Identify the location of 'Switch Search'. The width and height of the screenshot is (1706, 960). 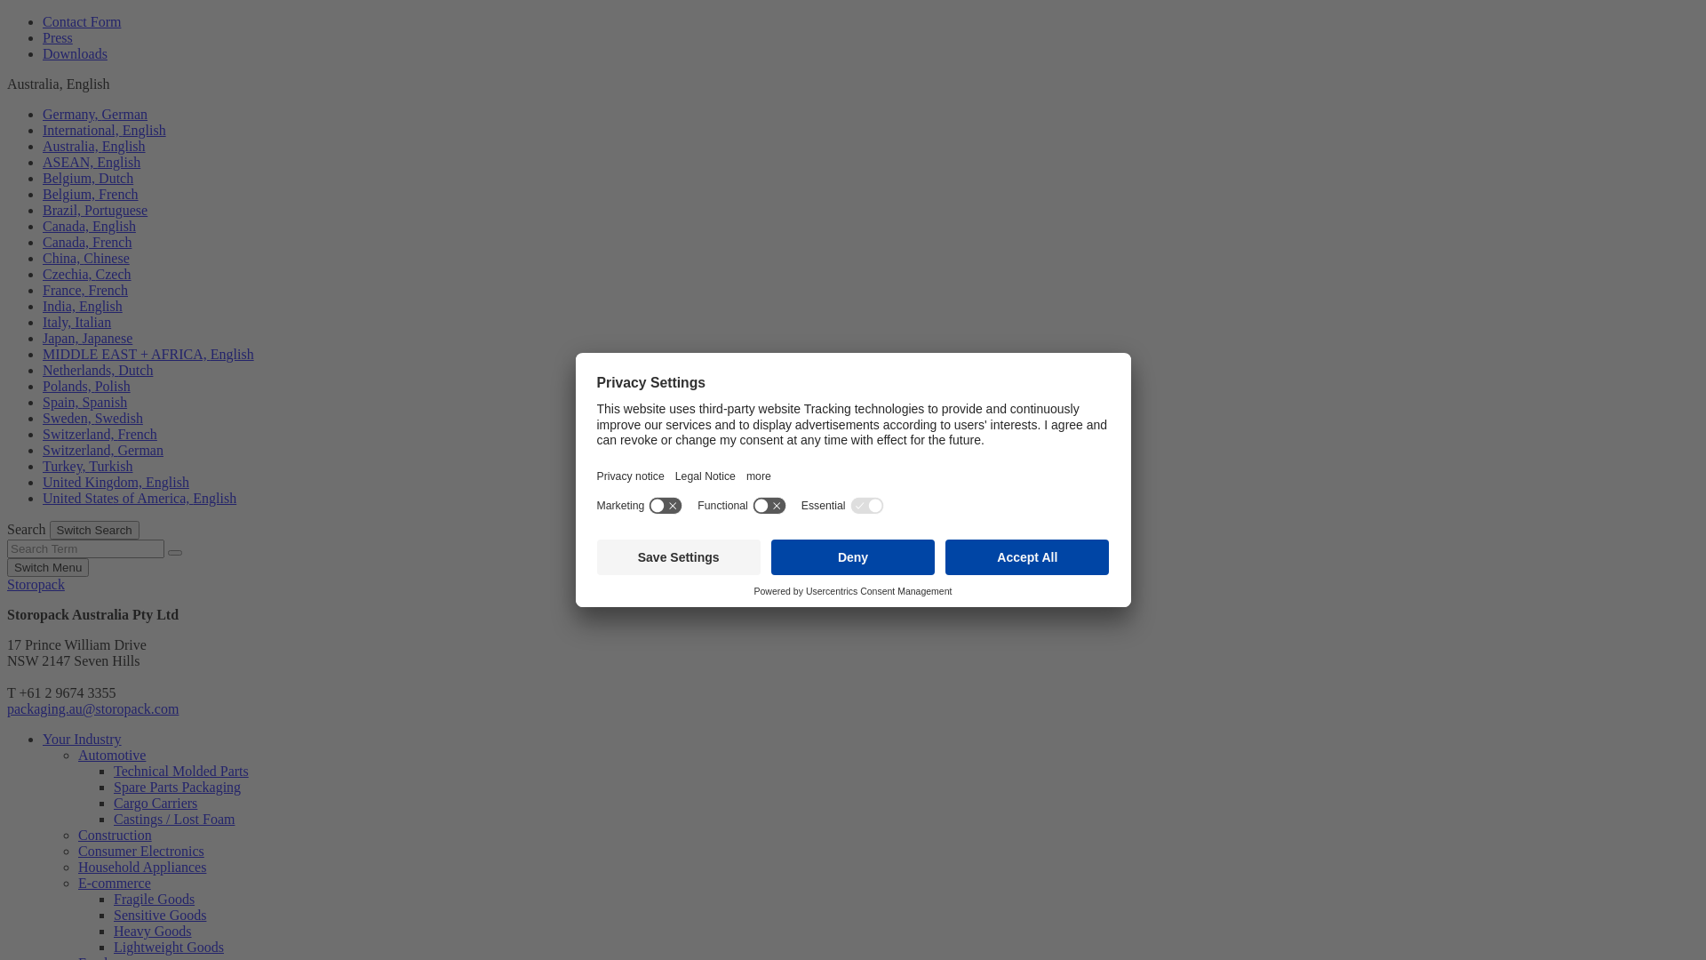
(93, 529).